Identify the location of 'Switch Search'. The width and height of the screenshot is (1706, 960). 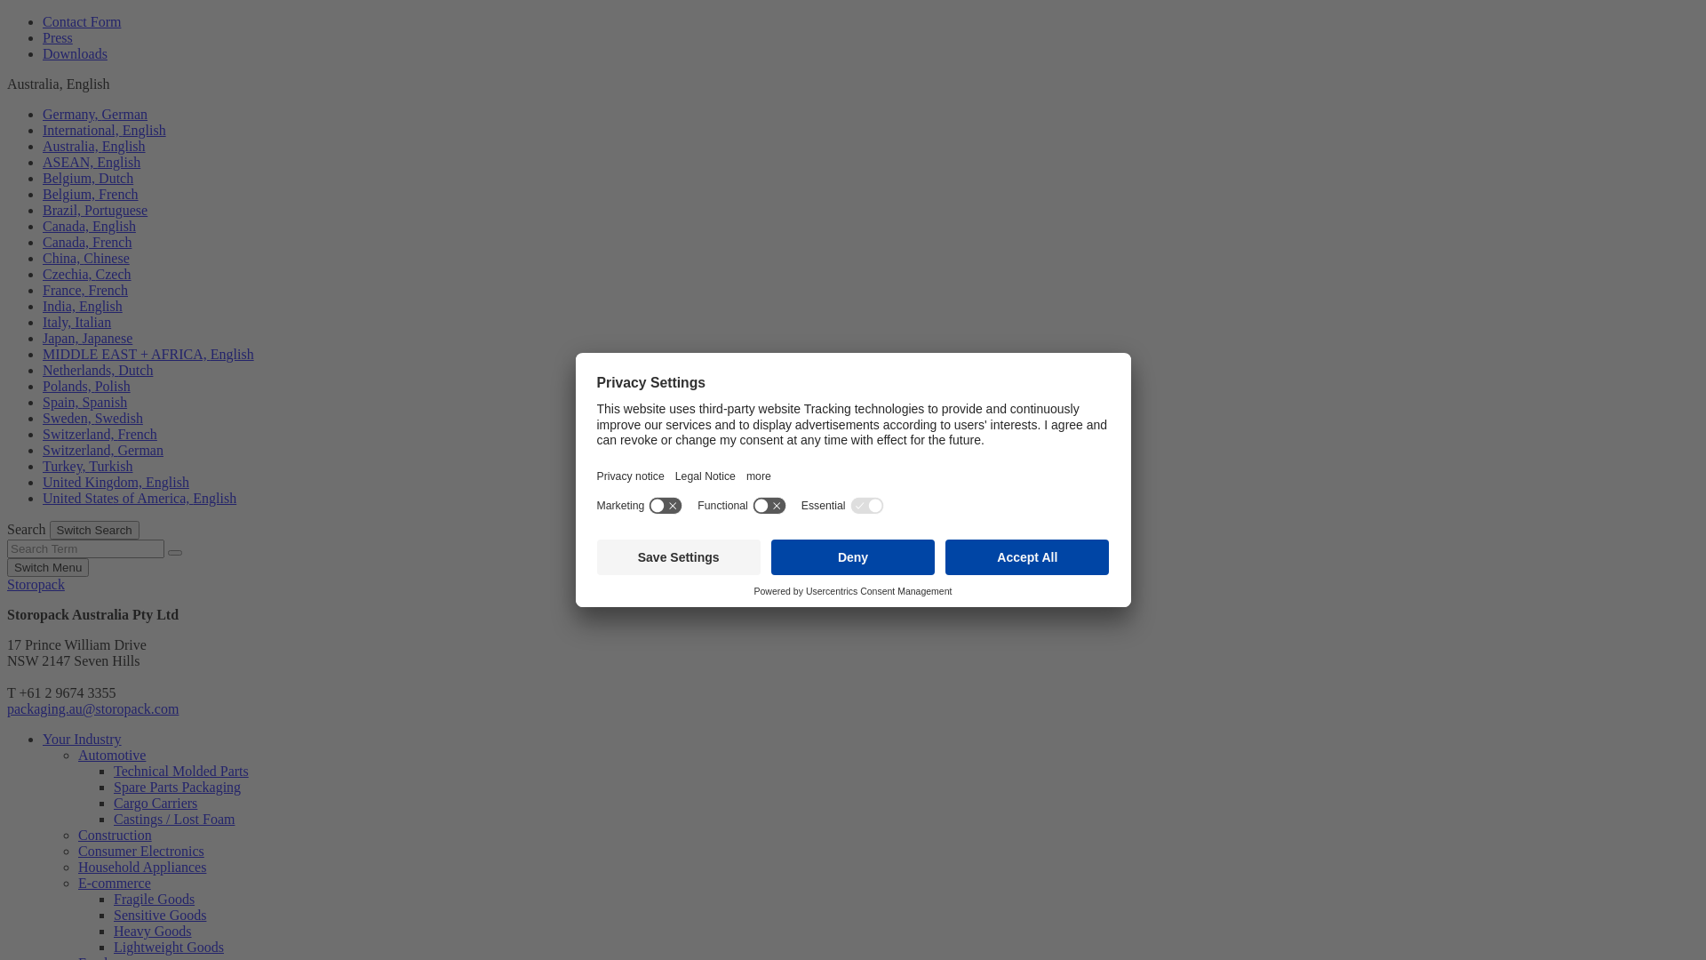
(93, 529).